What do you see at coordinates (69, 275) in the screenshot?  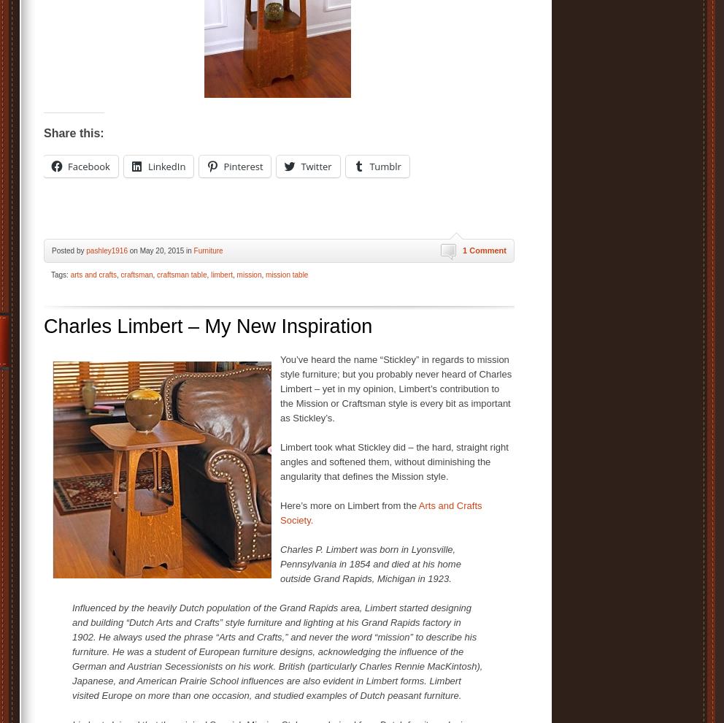 I see `'arts and crafts'` at bounding box center [69, 275].